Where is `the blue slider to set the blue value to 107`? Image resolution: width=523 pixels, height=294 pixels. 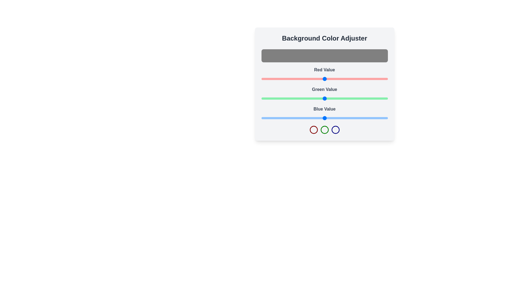 the blue slider to set the blue value to 107 is located at coordinates (314, 118).